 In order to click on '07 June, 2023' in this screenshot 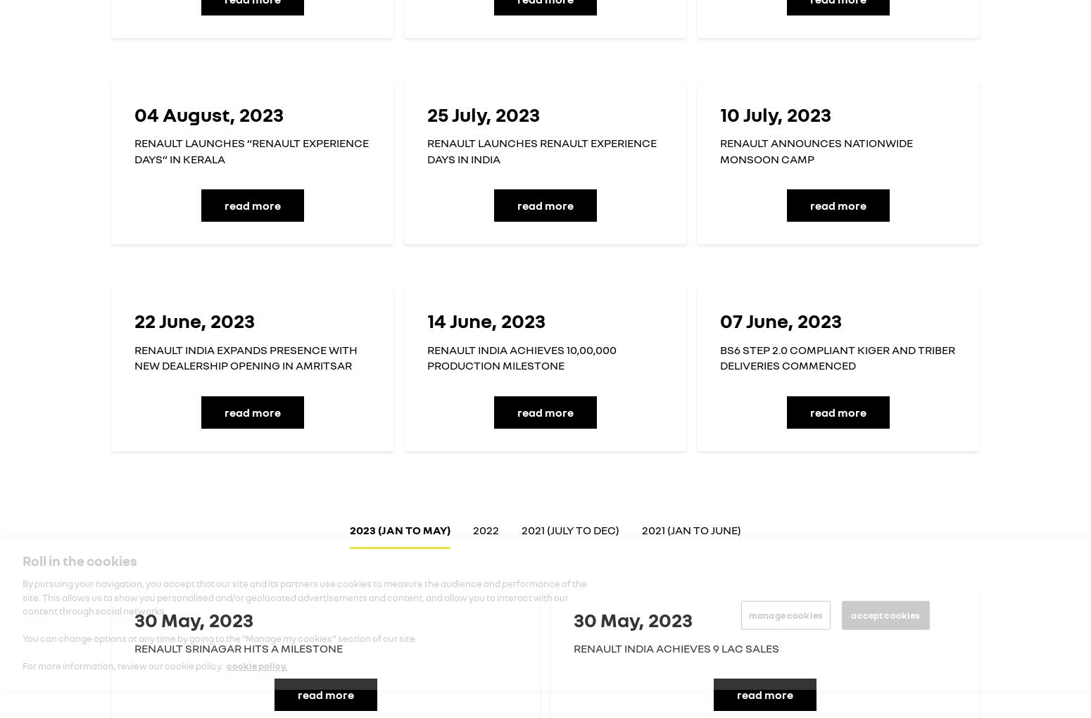, I will do `click(780, 320)`.